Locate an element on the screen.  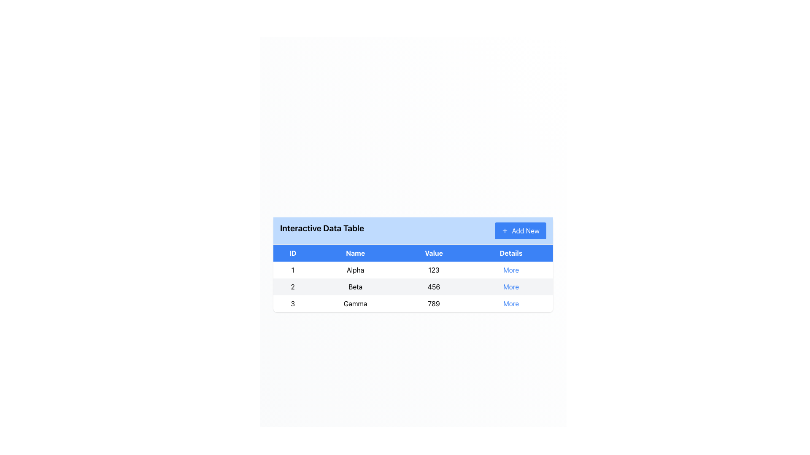
the centered label containing the text 'Beta' in the 'Name' column of the data table, located in the second row, positioned between '2' and '456' is located at coordinates (355, 286).